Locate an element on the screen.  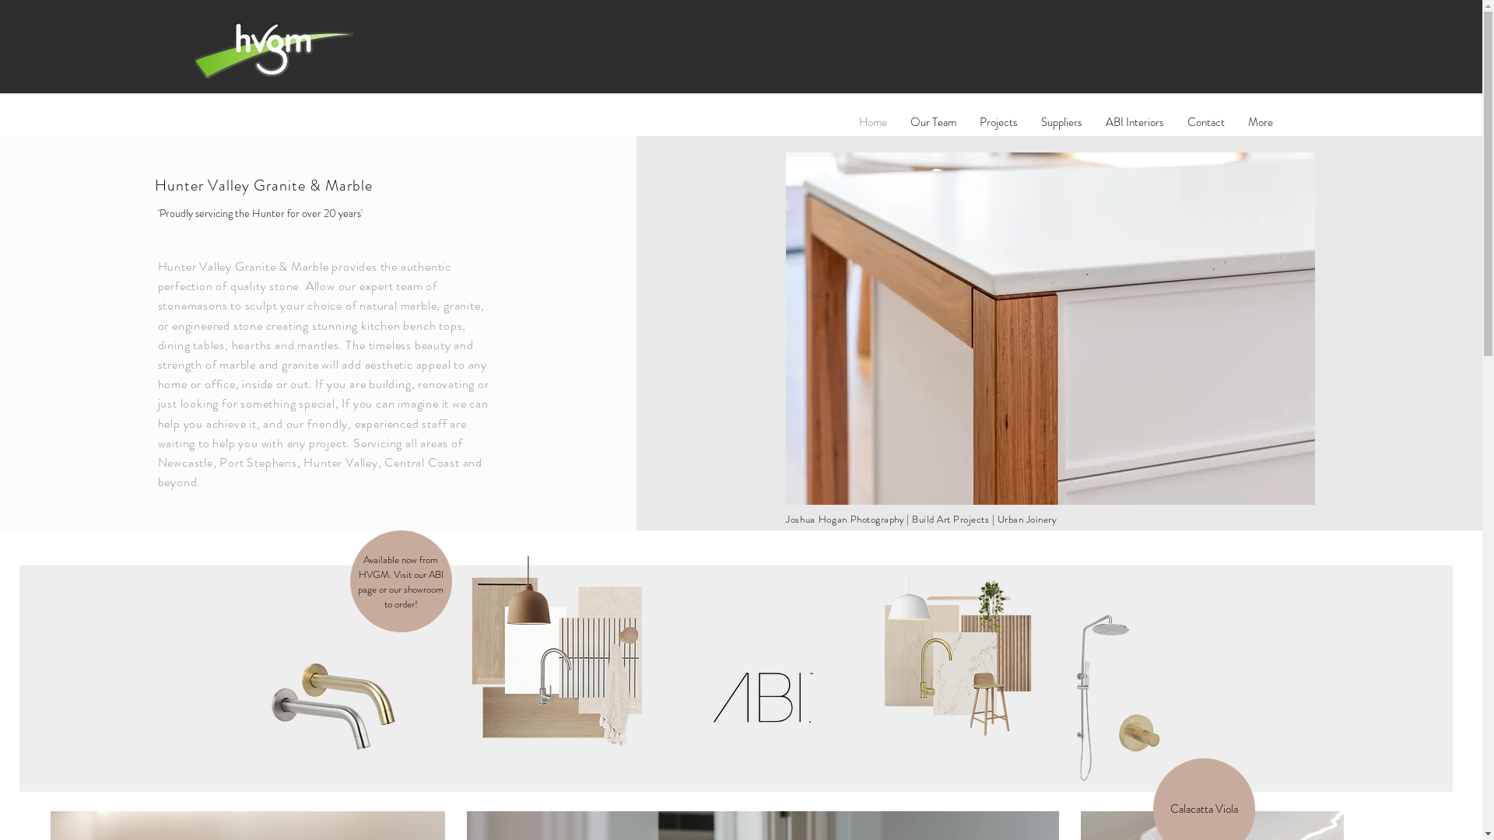
'Cutting Edge Joinery' is located at coordinates (785, 327).